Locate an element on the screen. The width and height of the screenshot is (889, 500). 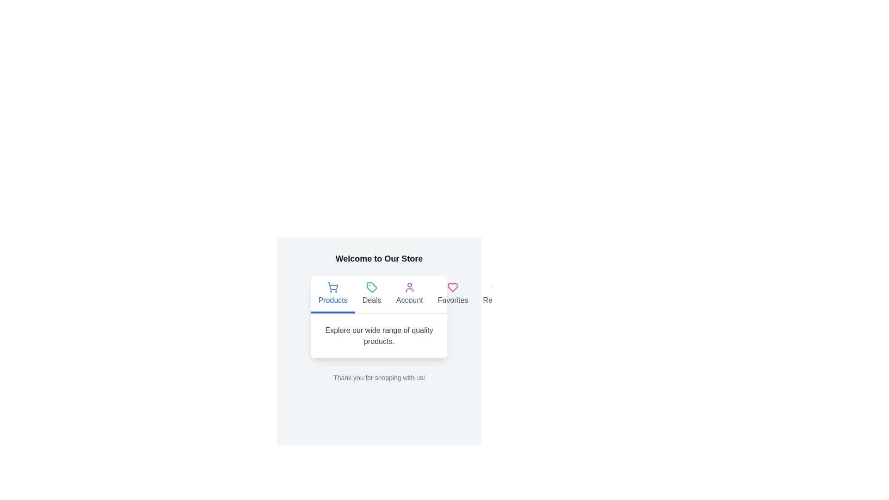
the text label displaying 'Products' which is styled in blue and located beneath the shopping cart icon is located at coordinates (333, 300).